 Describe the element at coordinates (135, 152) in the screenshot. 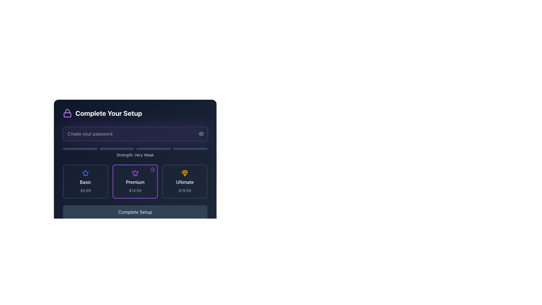

I see `the text label that provides feedback on the strength of the password entered, located below the password input field and above the pricing options` at that location.